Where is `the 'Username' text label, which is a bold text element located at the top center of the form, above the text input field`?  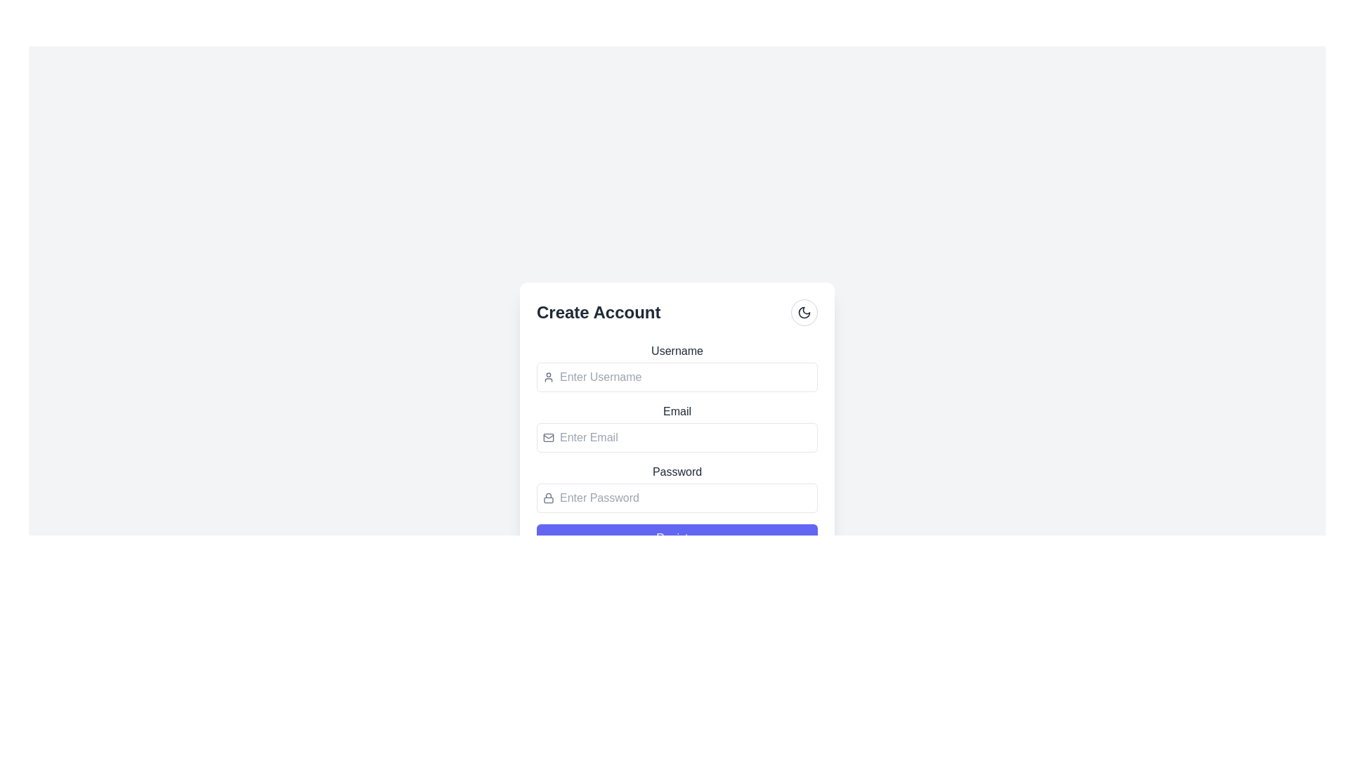
the 'Username' text label, which is a bold text element located at the top center of the form, above the text input field is located at coordinates (677, 351).